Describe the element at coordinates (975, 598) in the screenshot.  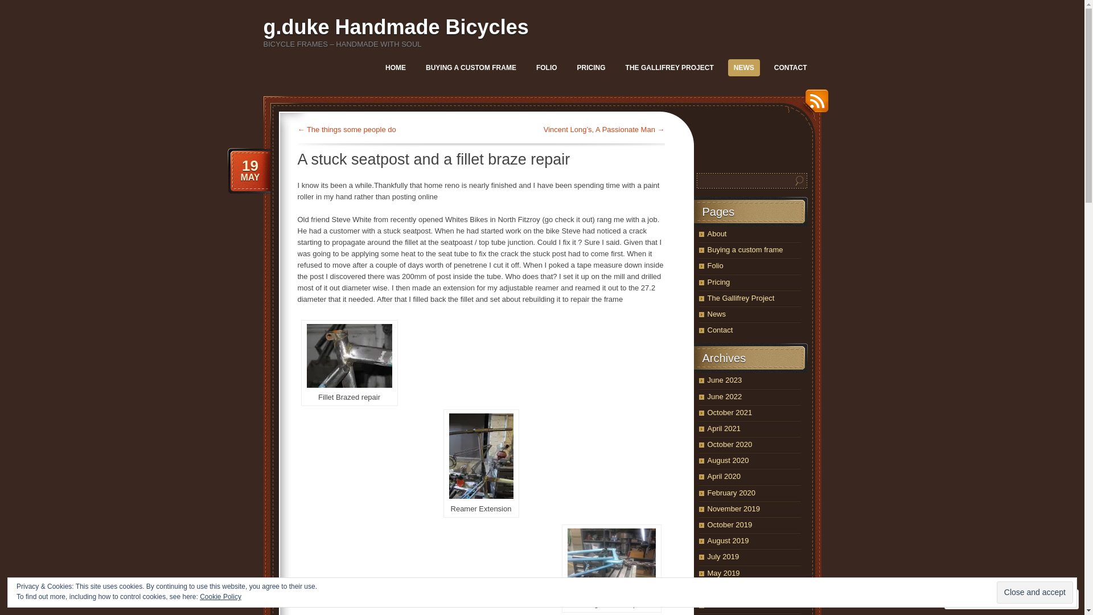
I see `'Comment'` at that location.